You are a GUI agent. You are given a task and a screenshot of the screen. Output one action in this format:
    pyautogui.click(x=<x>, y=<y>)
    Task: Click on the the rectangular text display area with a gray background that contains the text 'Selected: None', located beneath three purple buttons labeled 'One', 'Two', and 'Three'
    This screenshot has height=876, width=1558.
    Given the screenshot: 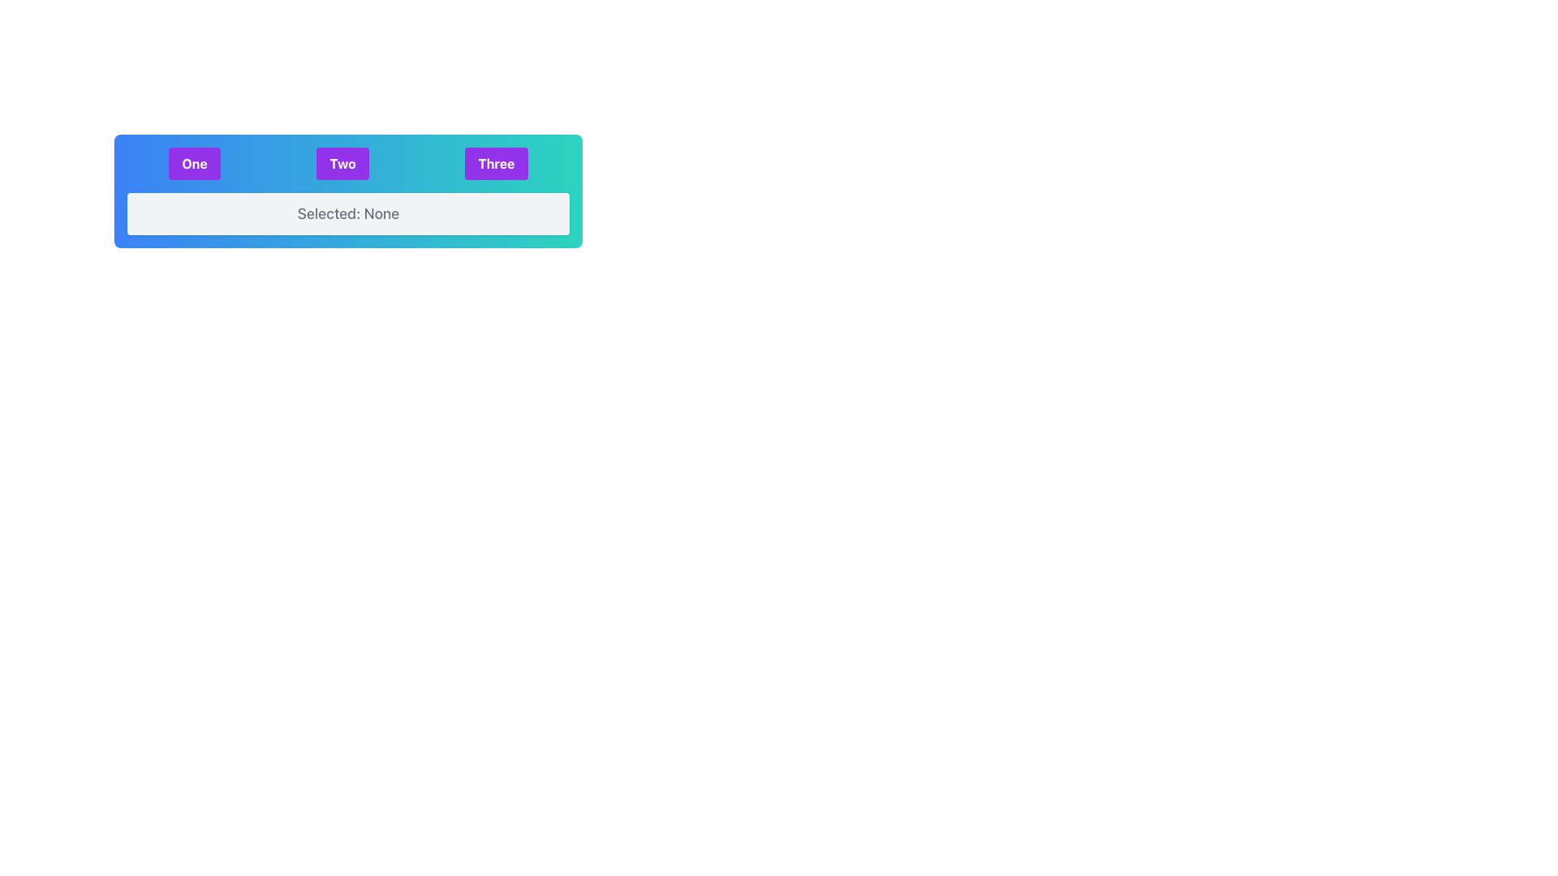 What is the action you would take?
    pyautogui.click(x=347, y=213)
    